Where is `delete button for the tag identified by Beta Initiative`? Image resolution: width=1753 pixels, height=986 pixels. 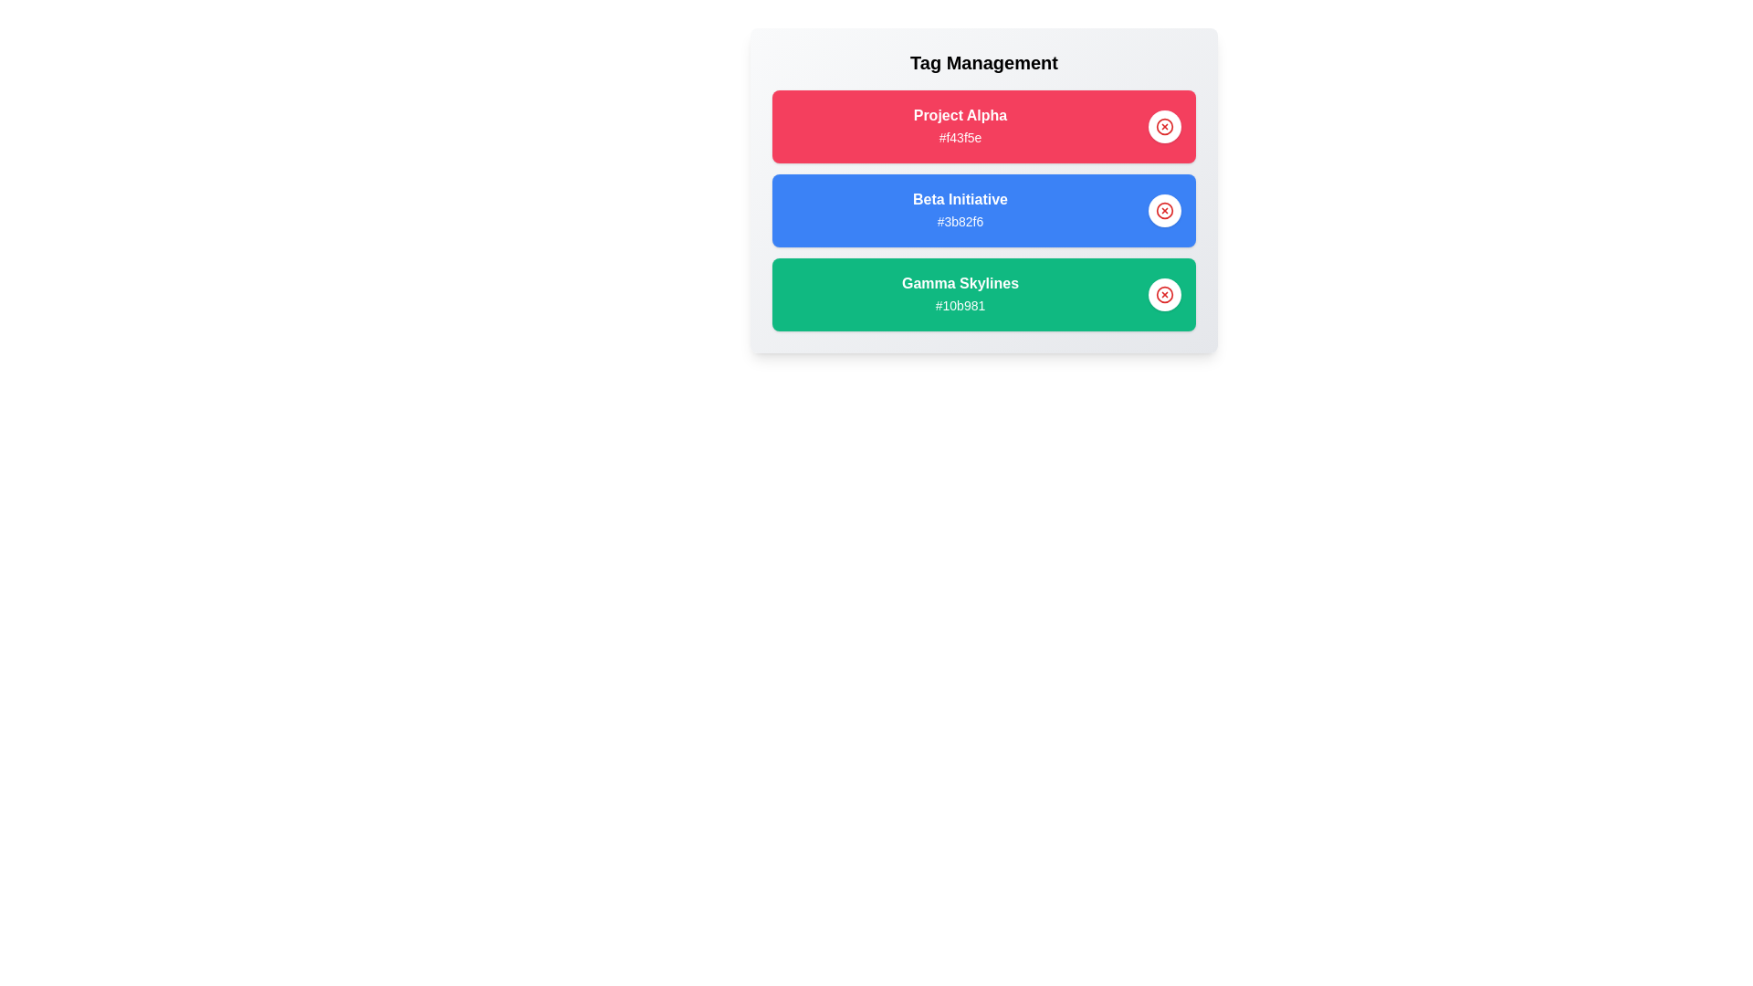
delete button for the tag identified by Beta Initiative is located at coordinates (1164, 210).